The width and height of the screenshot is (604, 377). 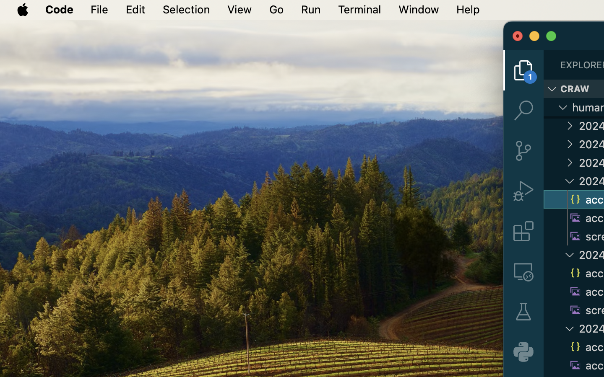 I want to click on '0 ', so click(x=523, y=151).